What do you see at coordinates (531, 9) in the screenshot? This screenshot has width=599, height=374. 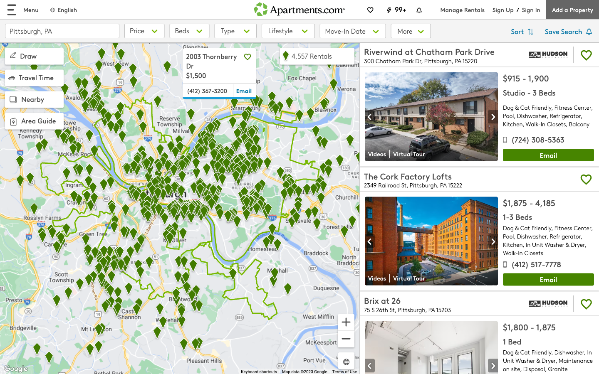 I see `signin option` at bounding box center [531, 9].